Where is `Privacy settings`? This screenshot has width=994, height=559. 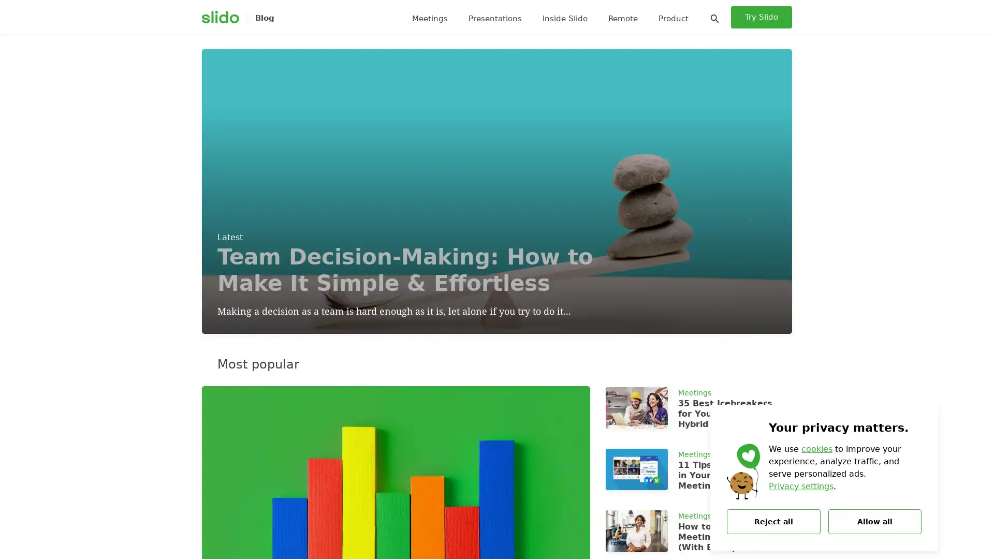
Privacy settings is located at coordinates (800, 487).